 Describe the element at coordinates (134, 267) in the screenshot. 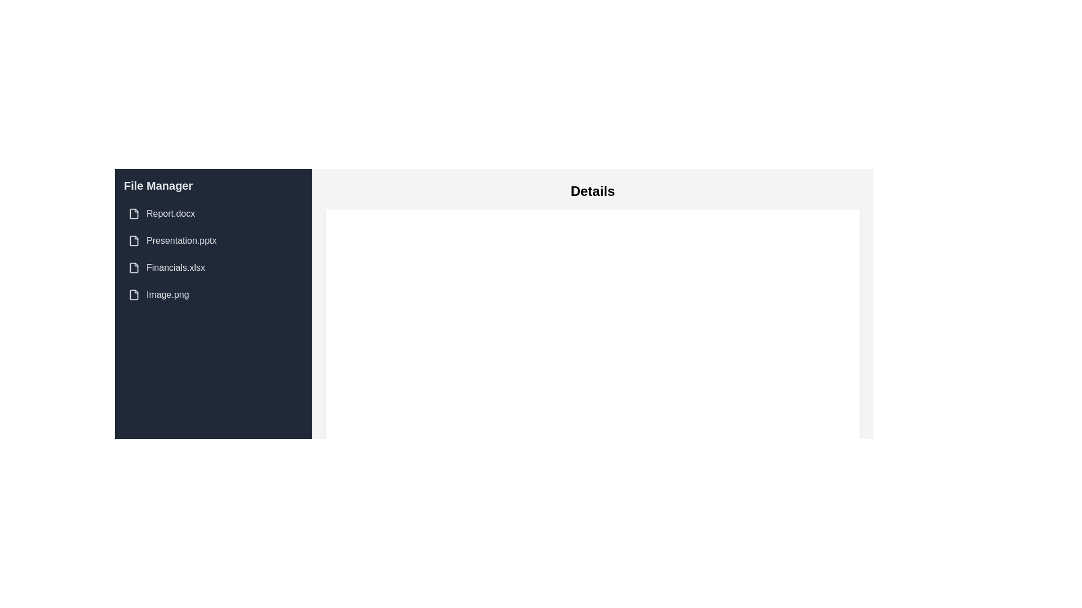

I see `the visual icon representing a document file, which is located next to the 'Financials.xlsx' text in the file manager list` at that location.